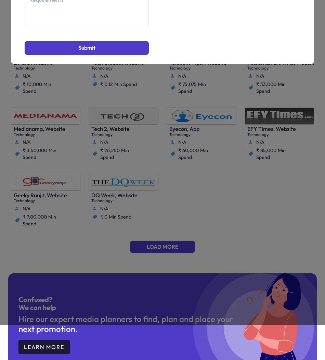 Image resolution: width=325 pixels, height=360 pixels. Describe the element at coordinates (103, 216) in the screenshot. I see `'₹ 0'` at that location.